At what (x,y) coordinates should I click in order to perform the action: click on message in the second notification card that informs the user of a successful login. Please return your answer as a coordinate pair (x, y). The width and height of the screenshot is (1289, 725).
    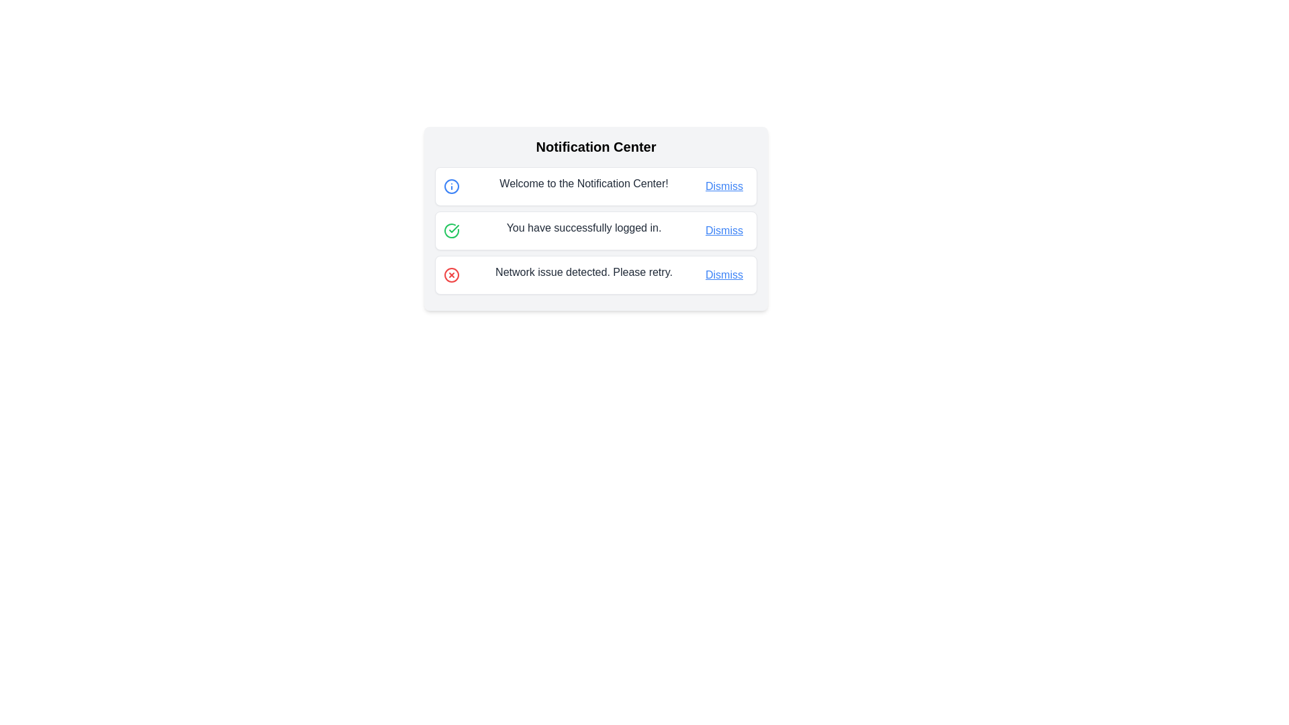
    Looking at the image, I should click on (595, 230).